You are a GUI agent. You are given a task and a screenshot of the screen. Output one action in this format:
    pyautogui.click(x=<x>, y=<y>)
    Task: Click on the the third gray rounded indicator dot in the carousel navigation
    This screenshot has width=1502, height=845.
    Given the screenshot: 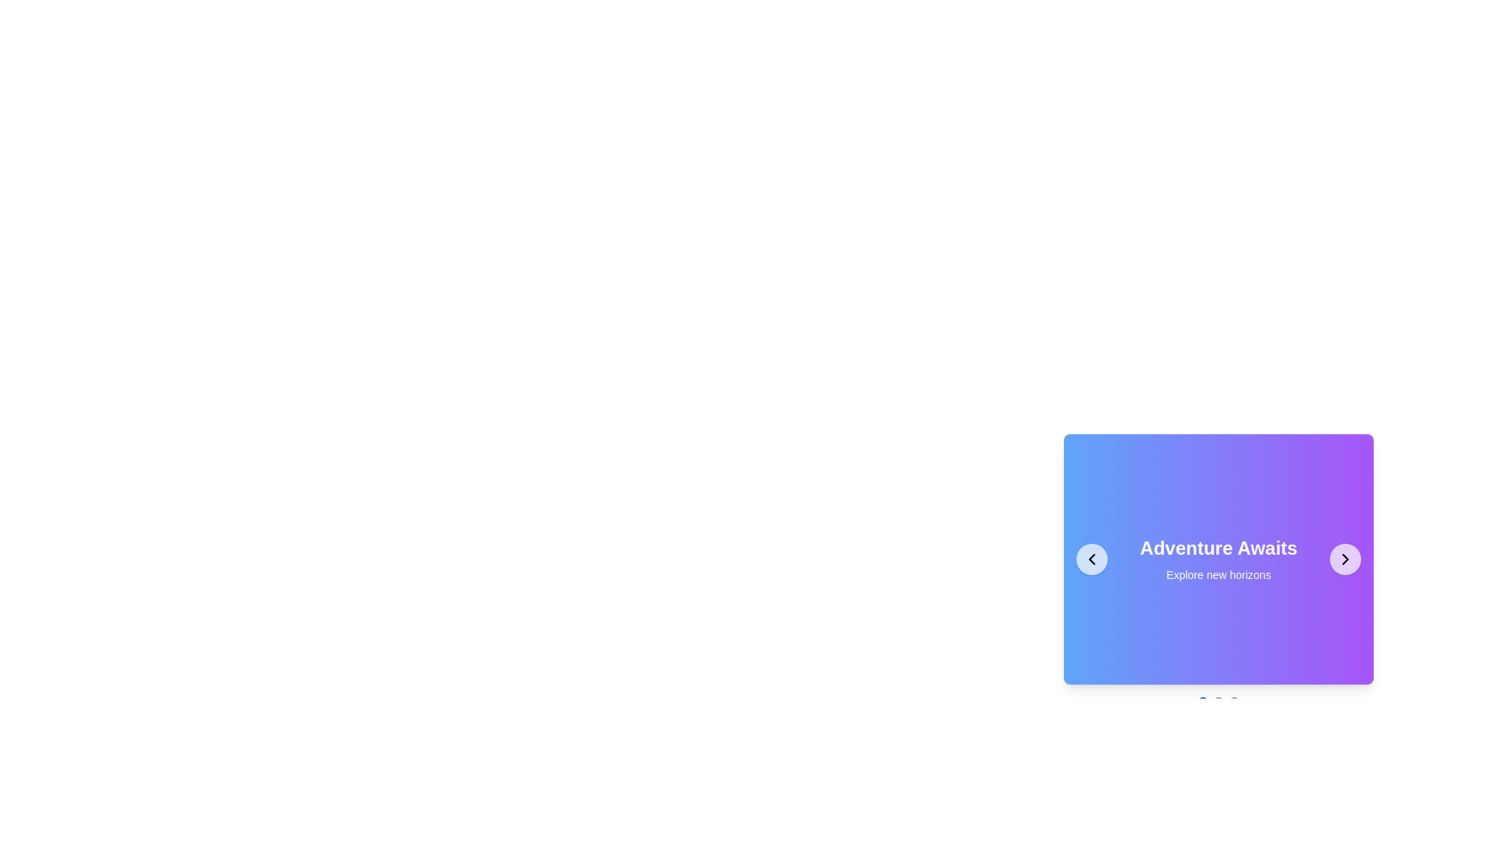 What is the action you would take?
    pyautogui.click(x=1234, y=701)
    